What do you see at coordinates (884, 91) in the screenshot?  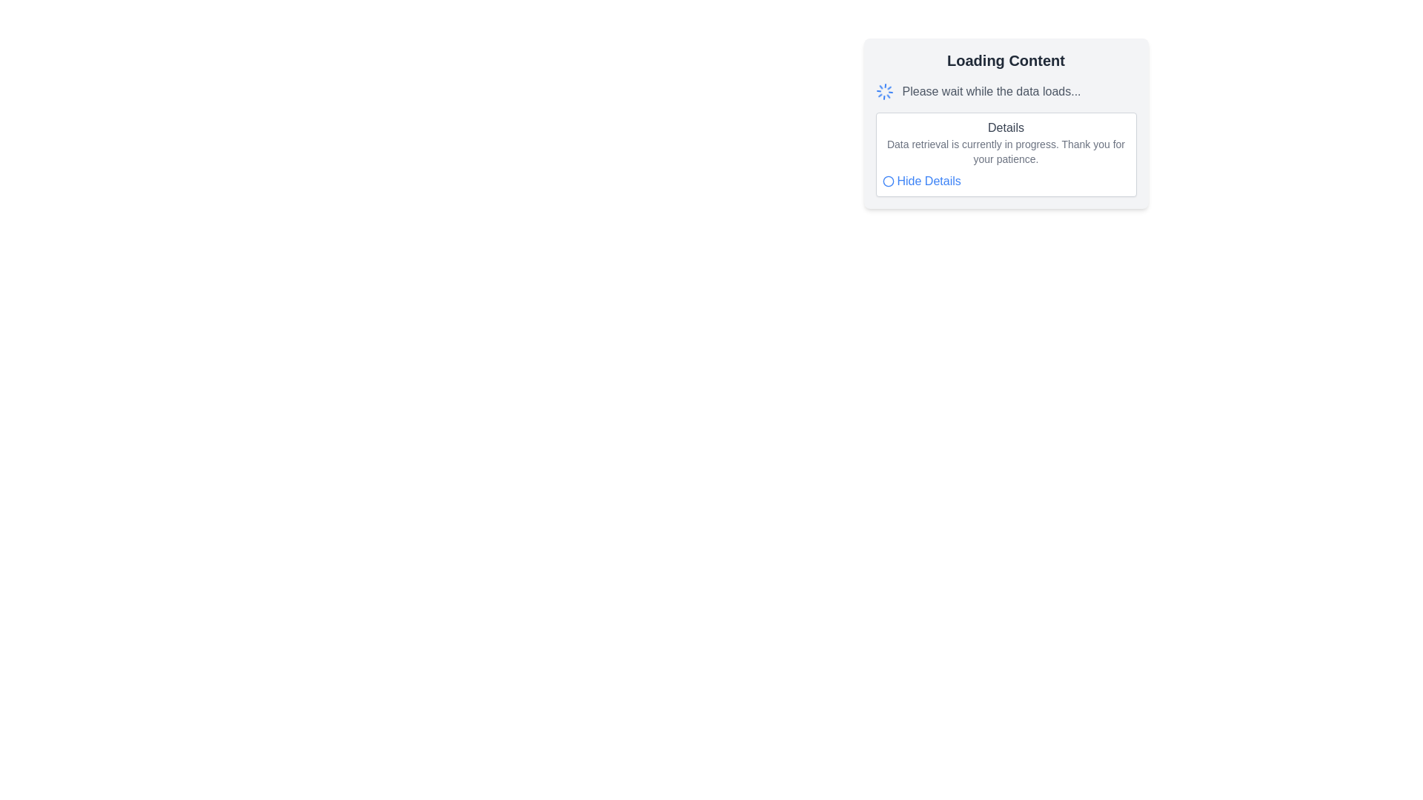 I see `the animated loading spinner located in the 'Loading Content' modal, which indicates that data is currently loading` at bounding box center [884, 91].